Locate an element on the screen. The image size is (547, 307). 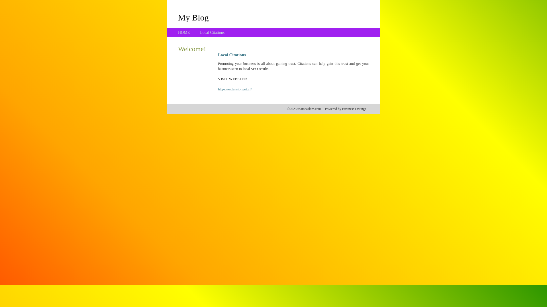
'Local Citations' is located at coordinates (212, 32).